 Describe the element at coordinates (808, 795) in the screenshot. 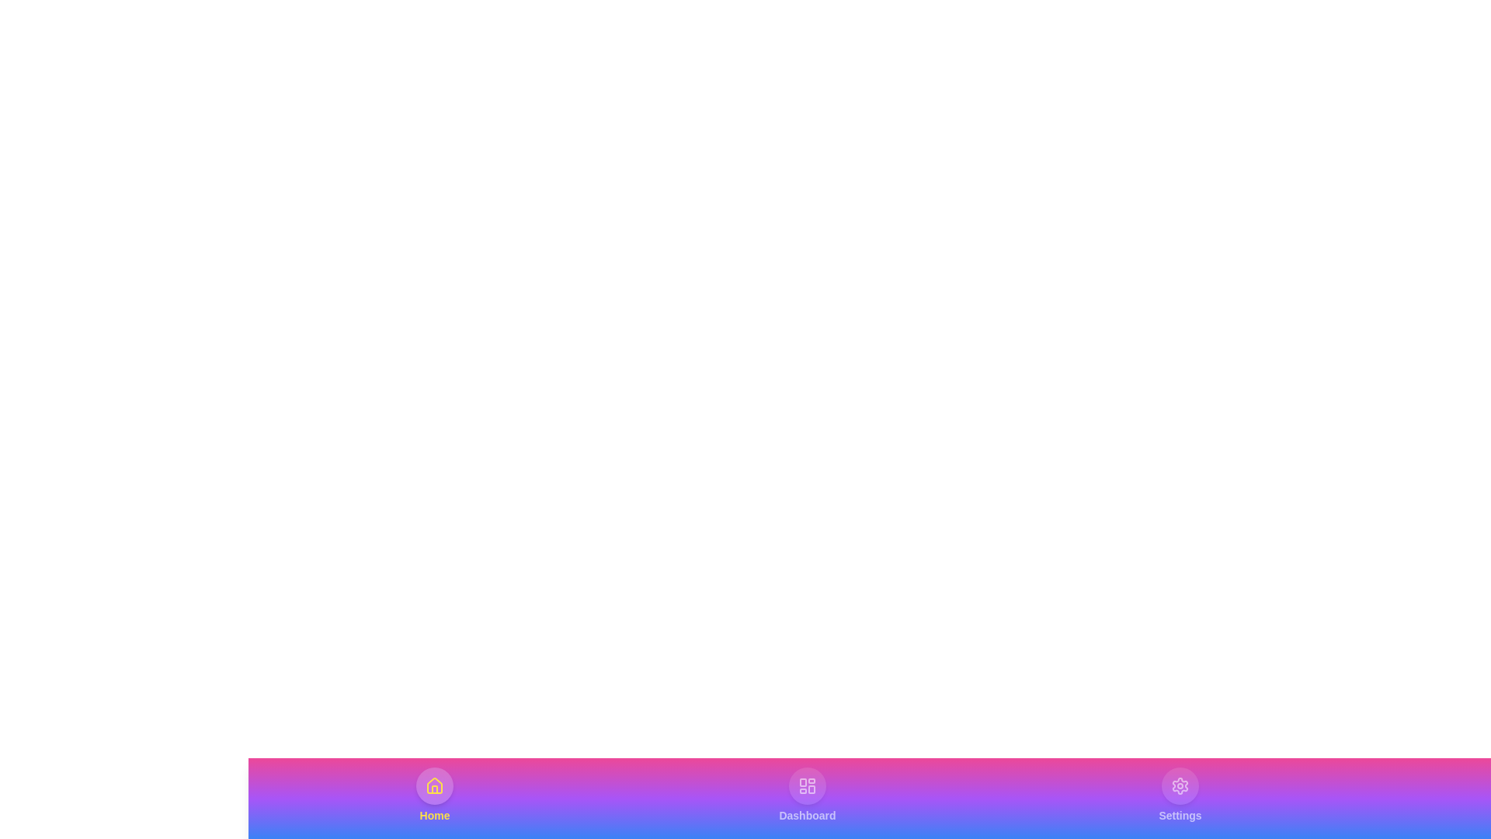

I see `the Dashboard button in the bottom navigation bar` at that location.